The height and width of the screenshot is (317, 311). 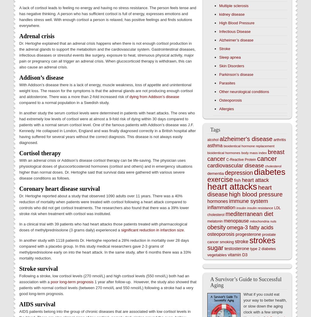 I want to click on 'vegetables', so click(x=207, y=255).